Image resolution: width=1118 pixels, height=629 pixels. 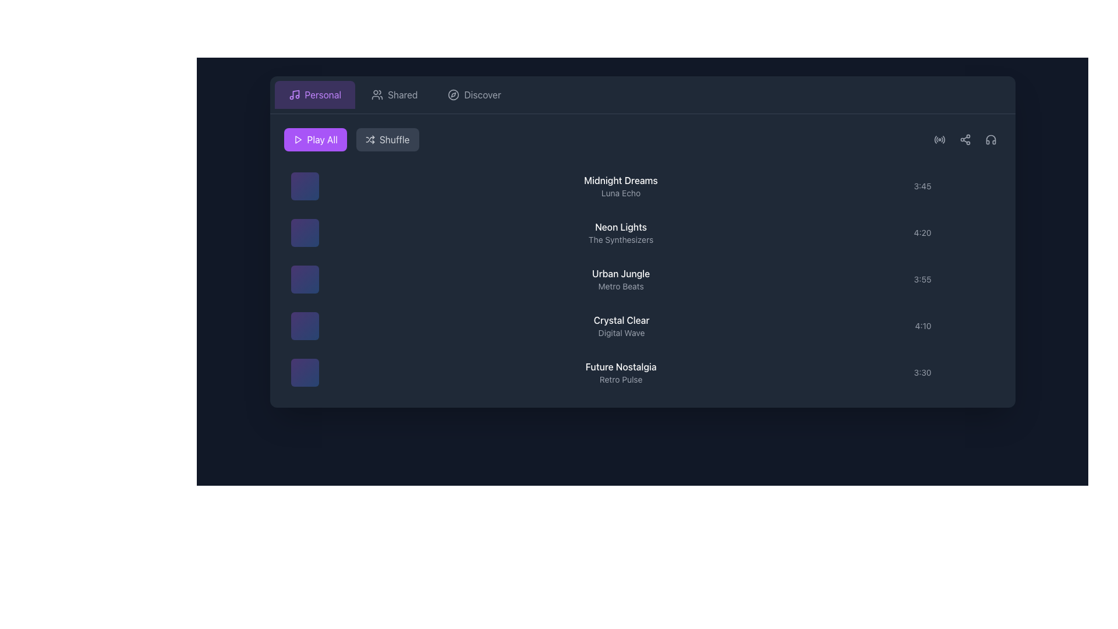 What do you see at coordinates (990, 139) in the screenshot?
I see `the headphones icon button, which is the third icon in a horizontal sequence on the right side of the interface panel` at bounding box center [990, 139].